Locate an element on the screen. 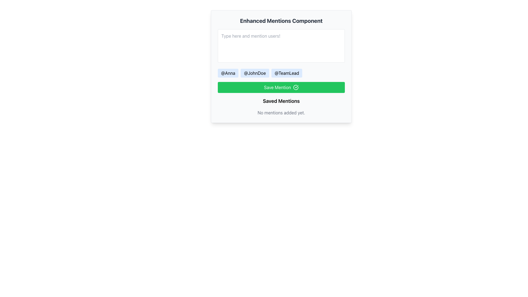 This screenshot has width=528, height=297. label displaying 'Saved Mentions', which is a bold and larger font header located below the green 'Save Mention' button is located at coordinates (281, 101).